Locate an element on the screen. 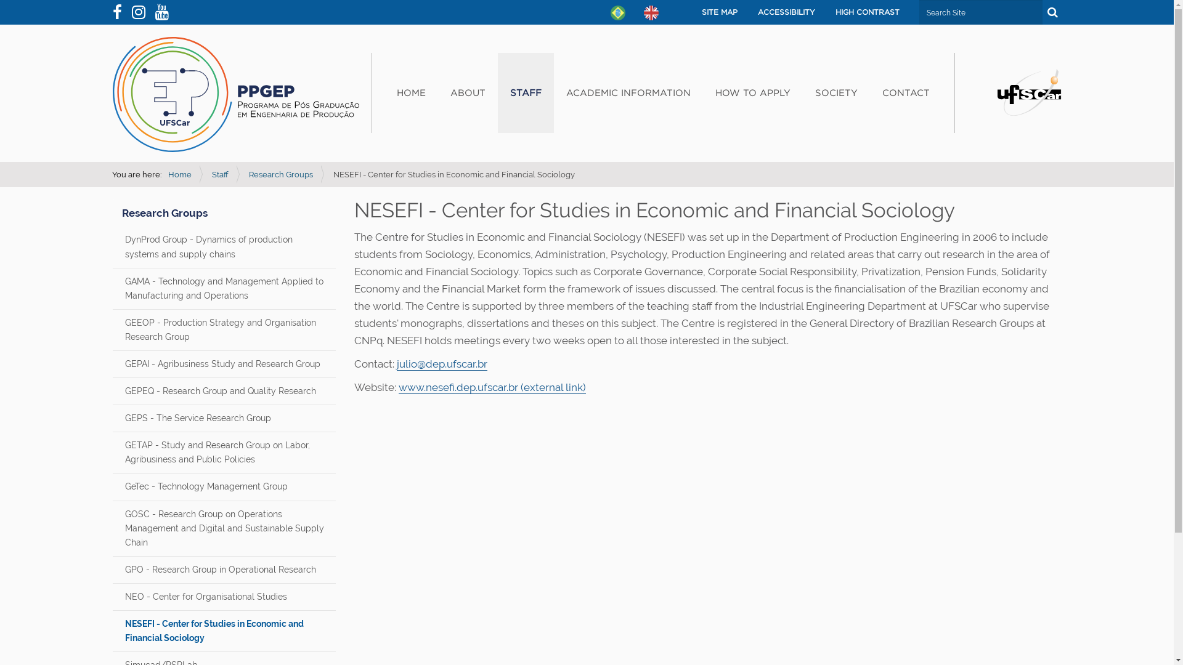 The width and height of the screenshot is (1183, 665). 'HOW TO APPLY' is located at coordinates (751, 92).